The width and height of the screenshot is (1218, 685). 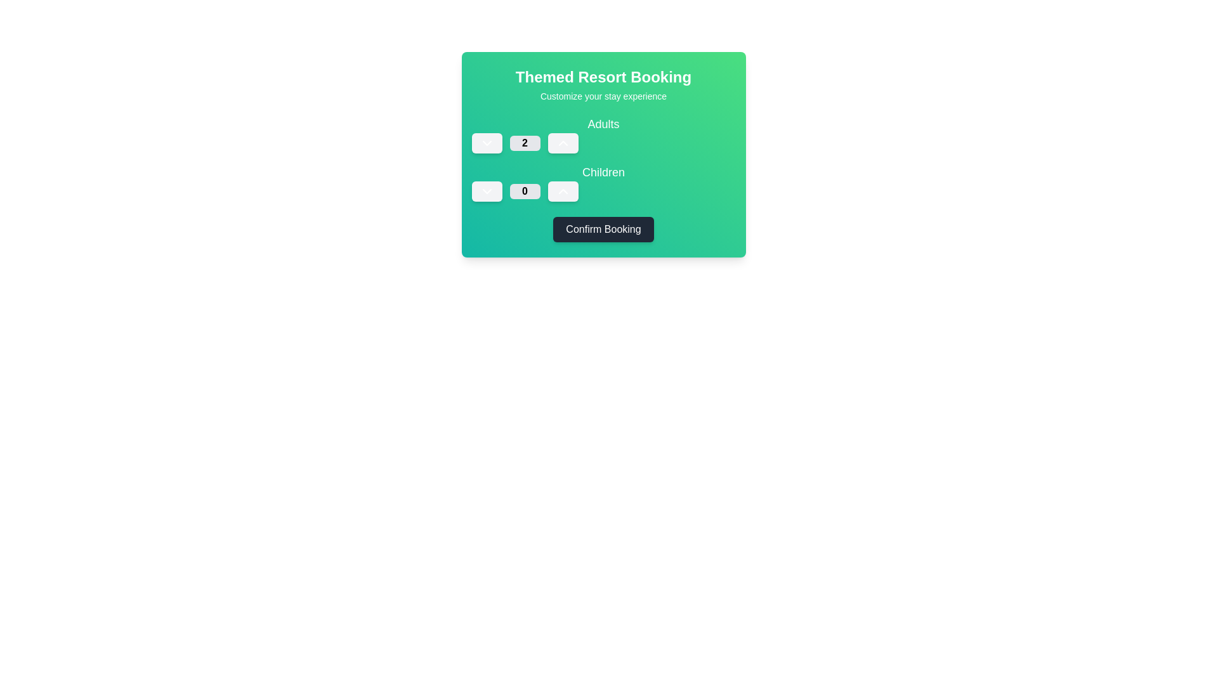 What do you see at coordinates (603, 77) in the screenshot?
I see `the prominently displayed text element reading 'Themed Resort Booking' for reading` at bounding box center [603, 77].